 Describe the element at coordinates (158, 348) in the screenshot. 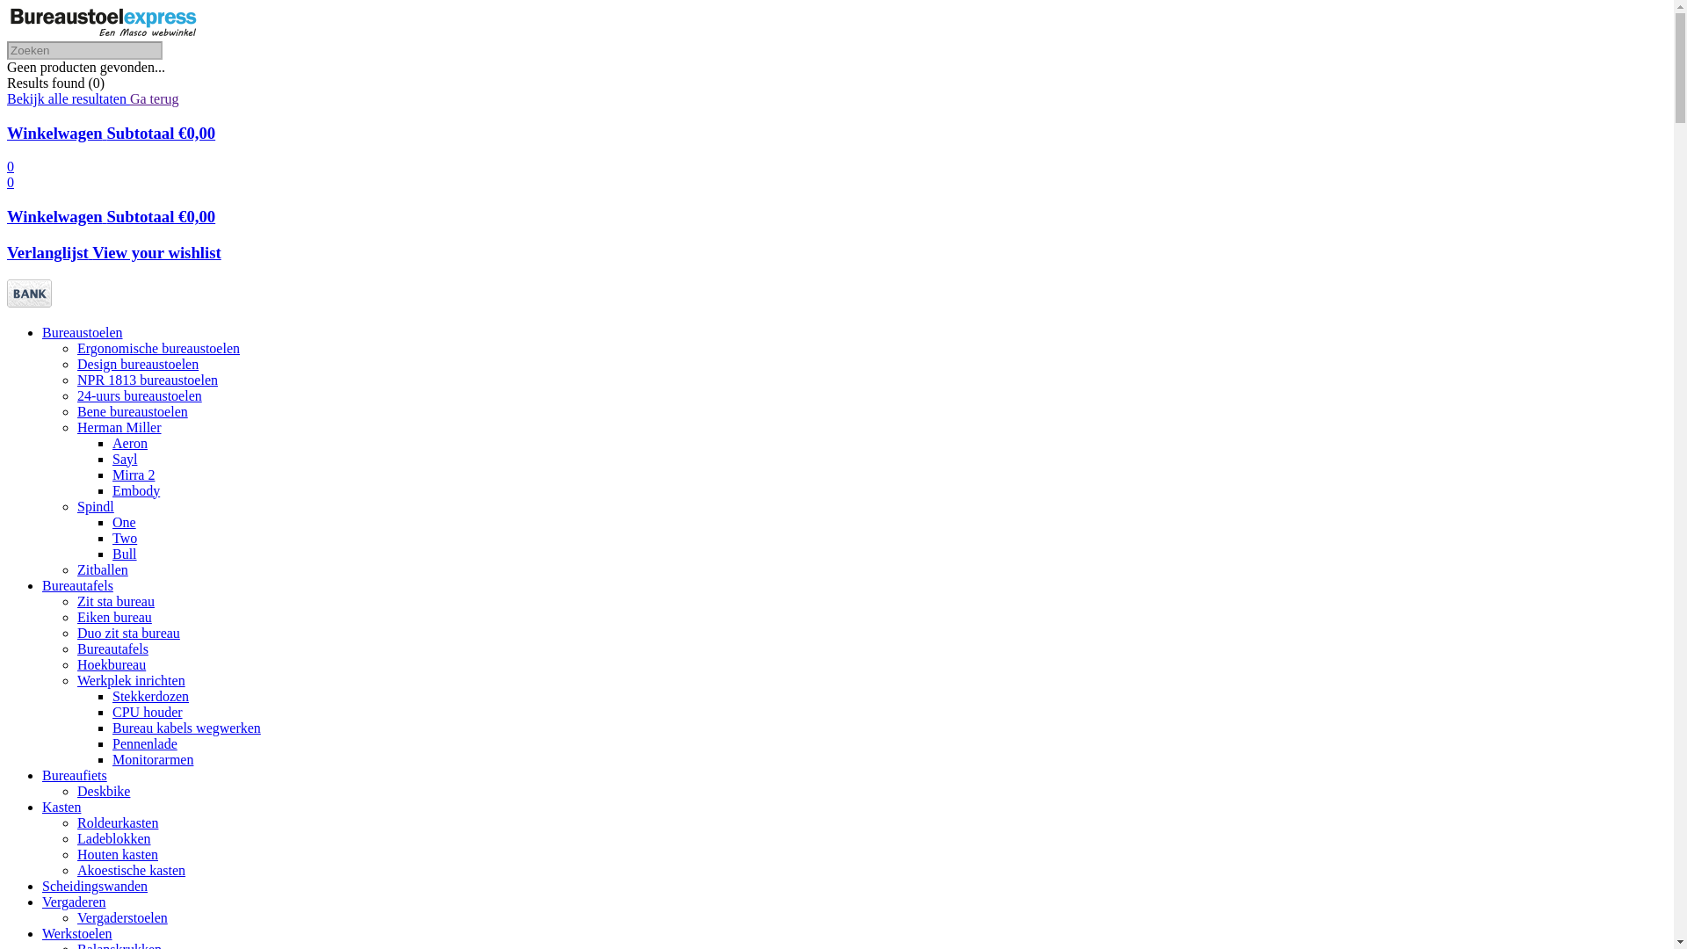

I see `'Ergonomische bureaustoelen'` at that location.